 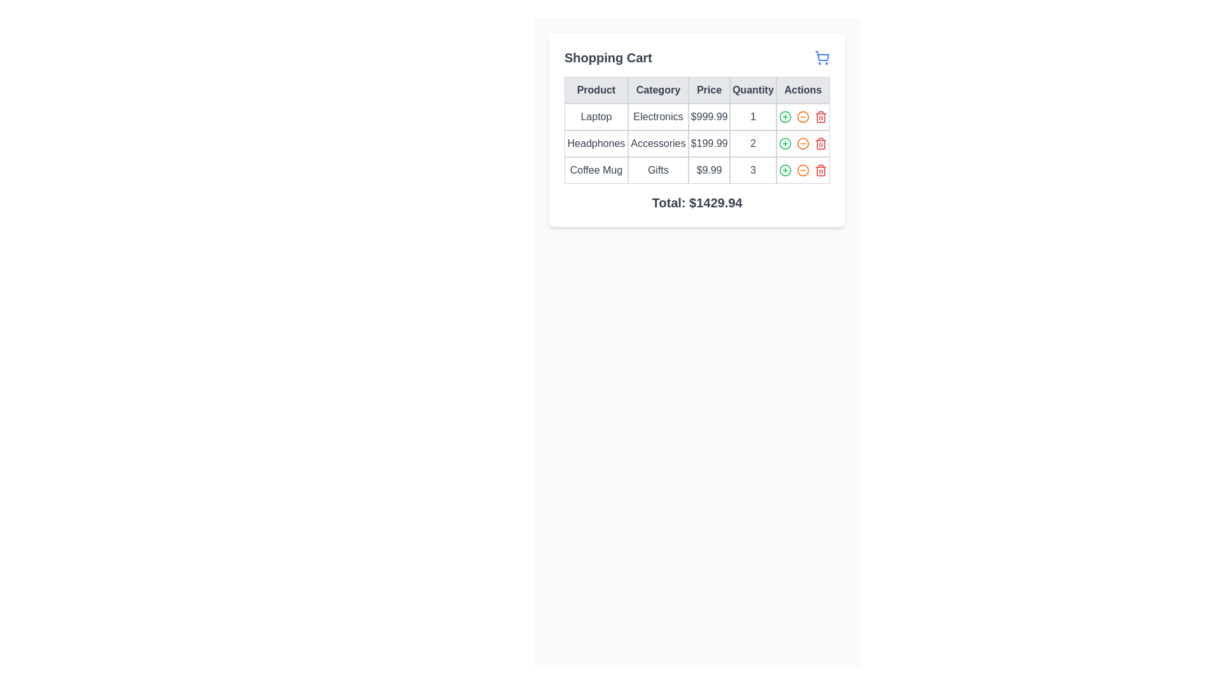 What do you see at coordinates (658, 117) in the screenshot?
I see `the 'Category' Text label in the Shopping Cart table that displays 'Laptop'` at bounding box center [658, 117].